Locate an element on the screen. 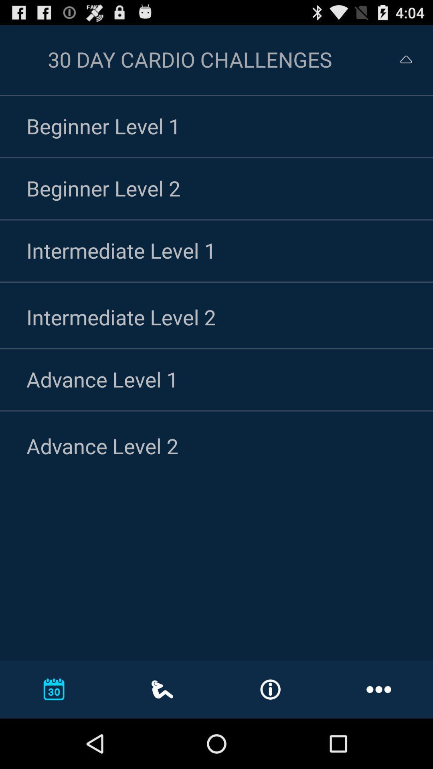  return to the previous screen is located at coordinates (399, 59).